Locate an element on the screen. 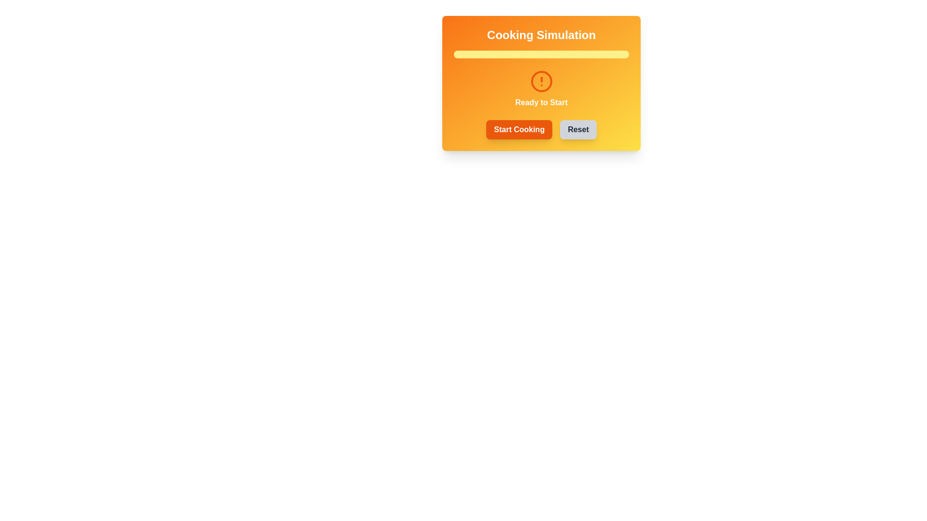  the 'Reset' button, which is a rectangular button with a light gray background and bold black text, located on the bottom-right corner of a two-button group near the center of the interface is located at coordinates (578, 129).